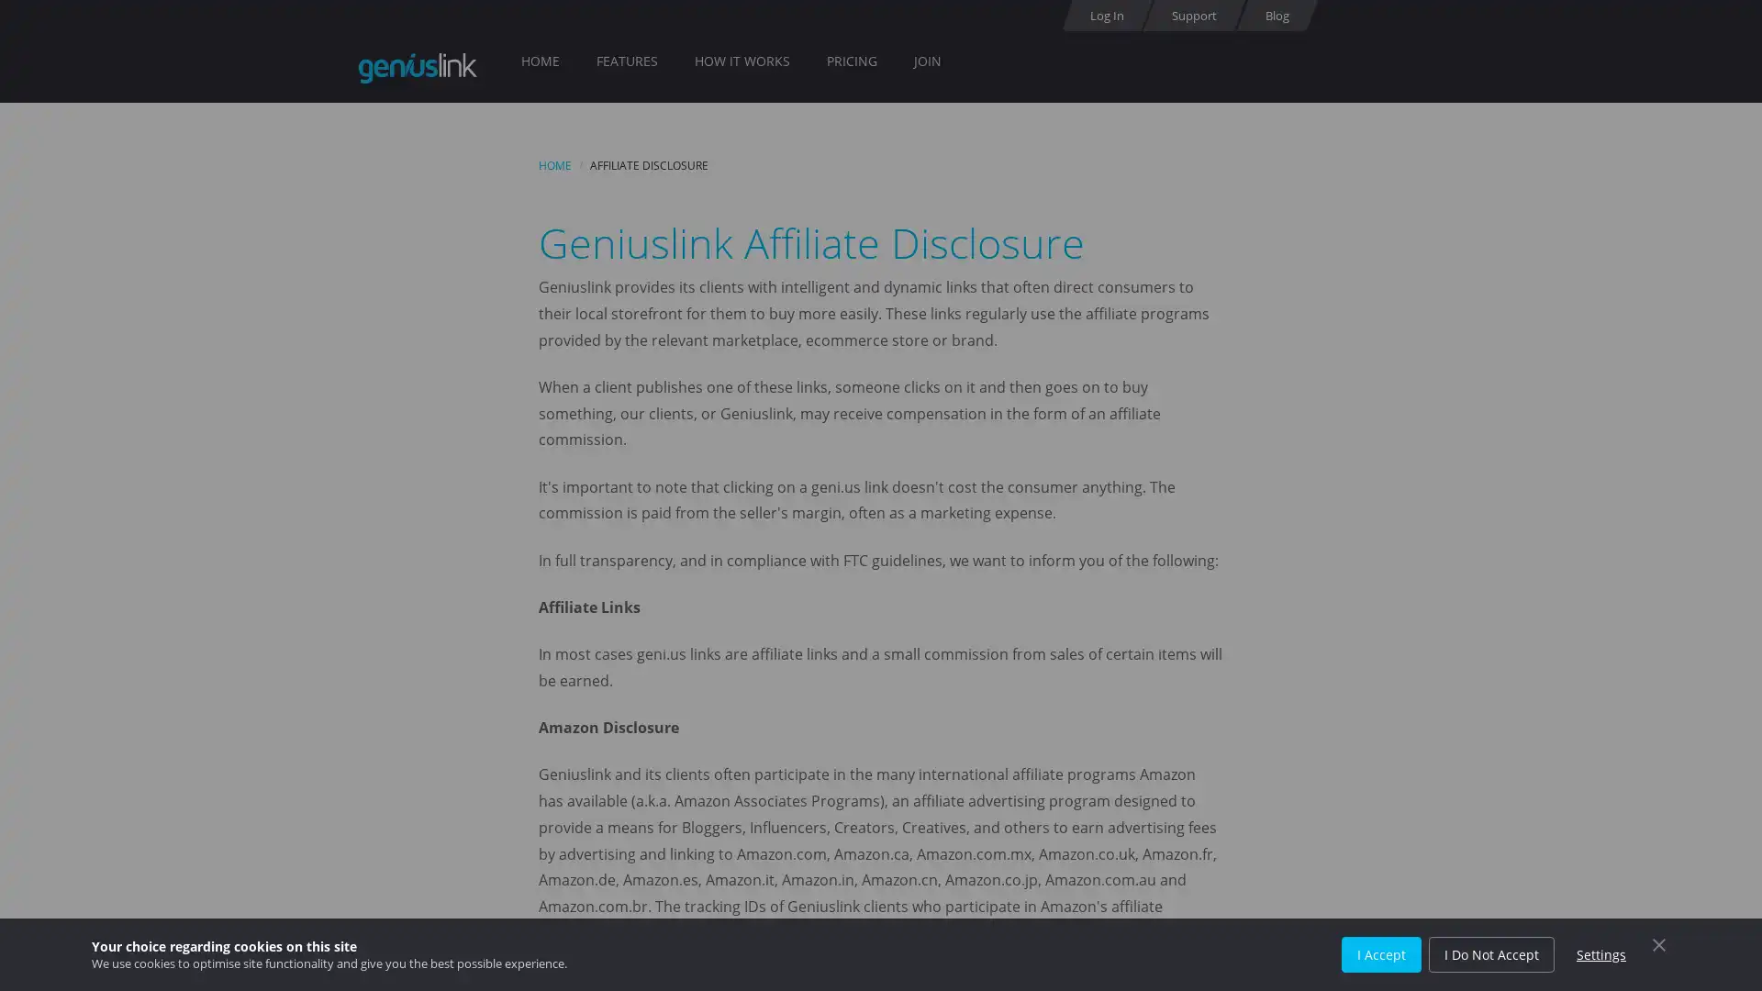 This screenshot has height=991, width=1762. Describe the element at coordinates (1491, 953) in the screenshot. I see `I Do Not Accept` at that location.